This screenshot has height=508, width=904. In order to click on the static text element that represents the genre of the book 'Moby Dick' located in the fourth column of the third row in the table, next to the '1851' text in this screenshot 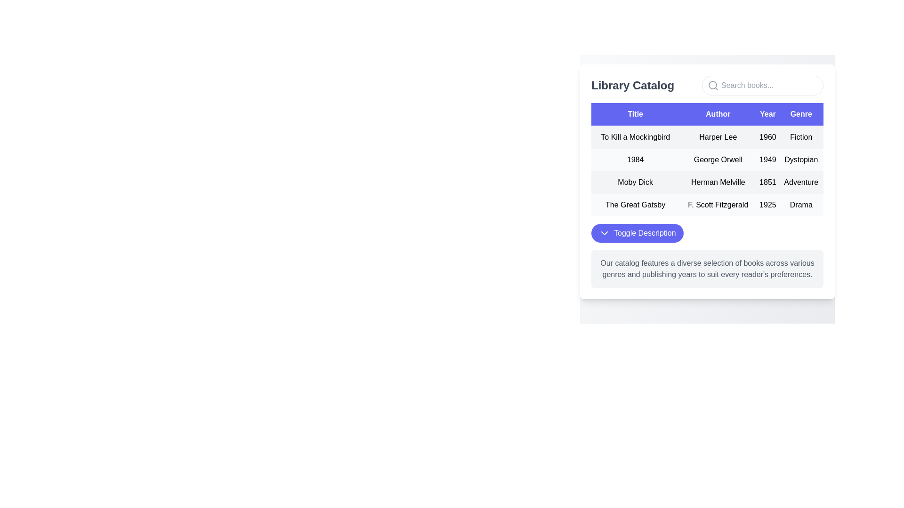, I will do `click(800, 183)`.